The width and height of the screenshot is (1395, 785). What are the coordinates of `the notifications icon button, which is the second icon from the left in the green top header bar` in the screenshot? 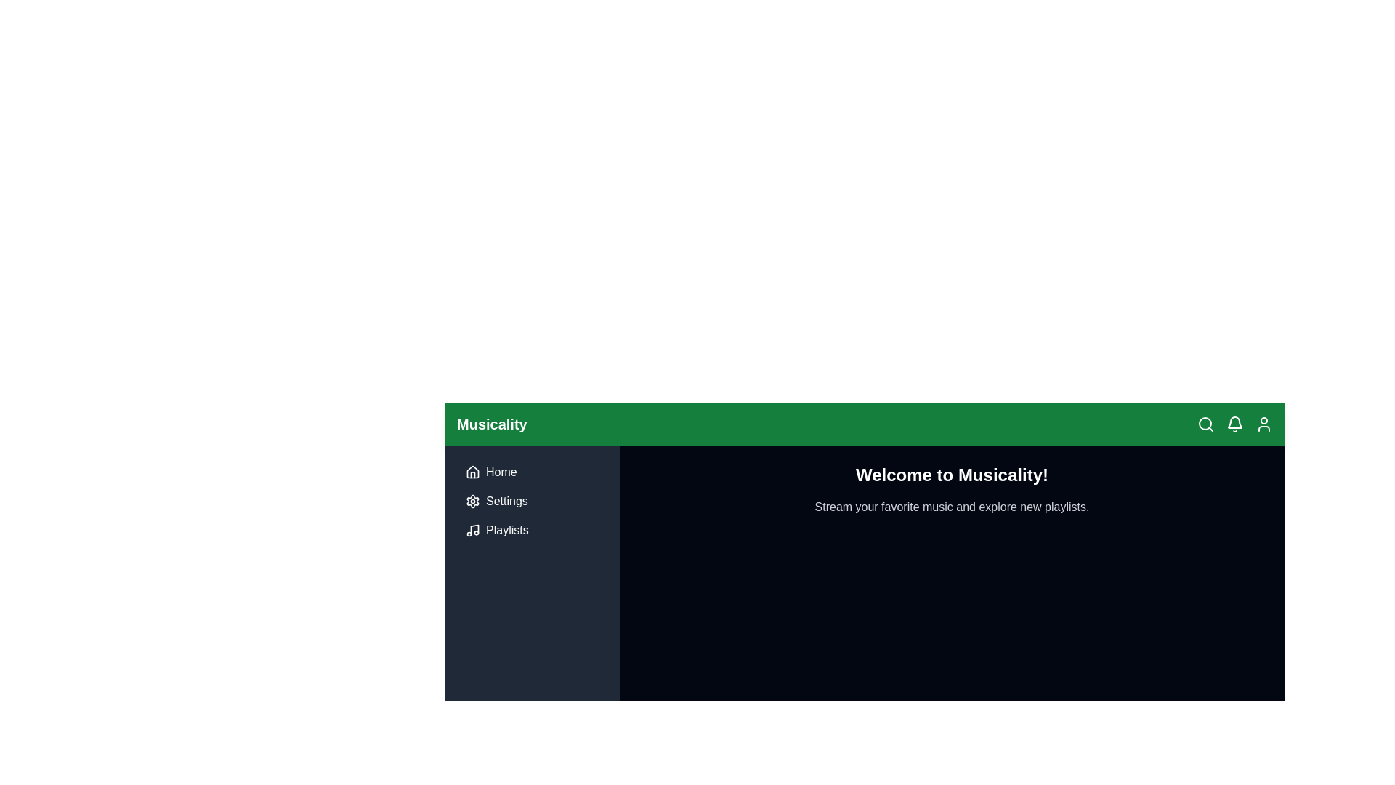 It's located at (1234, 424).